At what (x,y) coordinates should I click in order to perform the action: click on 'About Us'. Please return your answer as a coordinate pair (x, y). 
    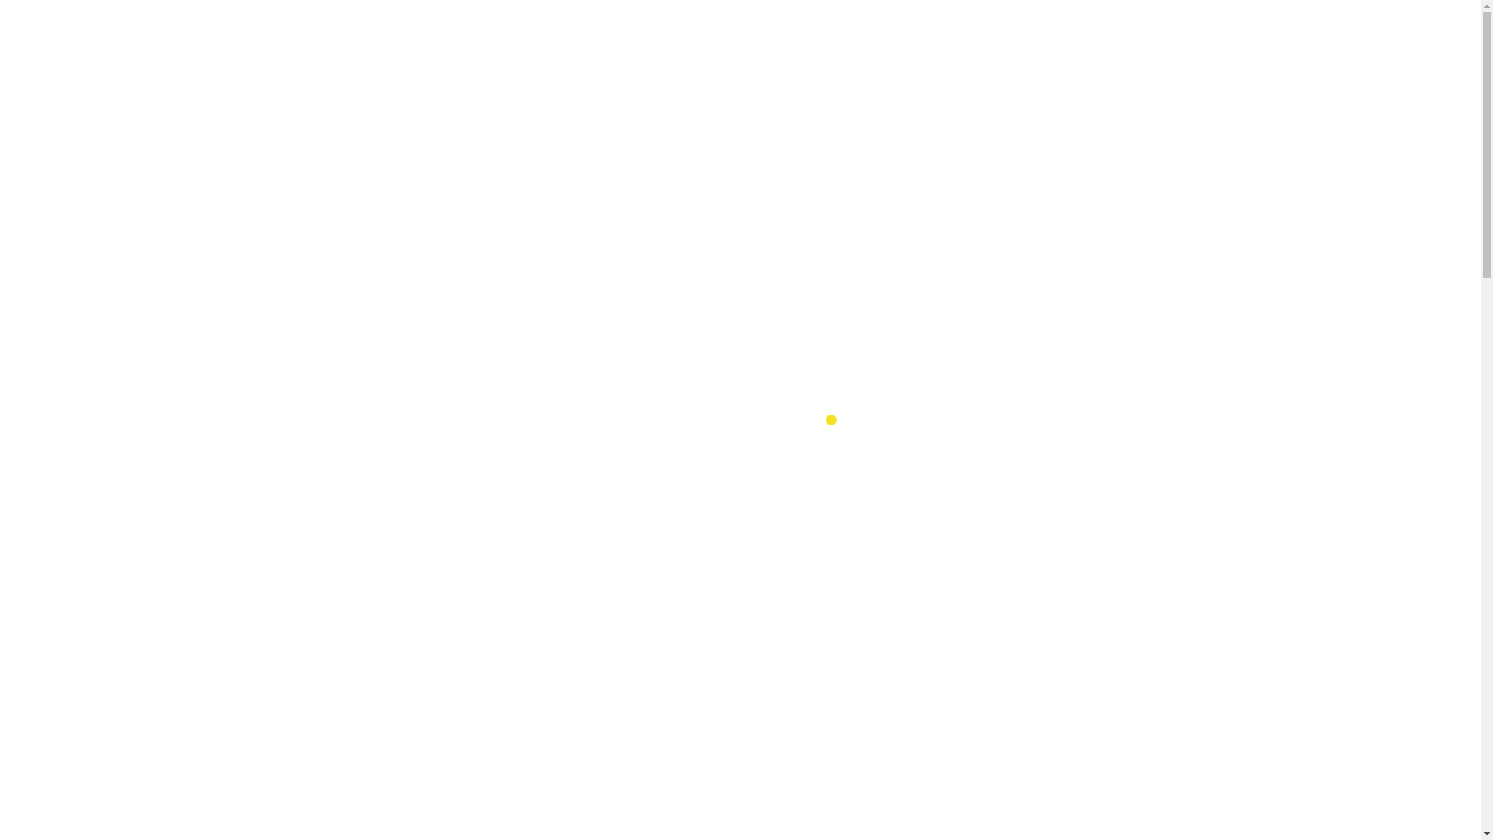
    Looking at the image, I should click on (741, 34).